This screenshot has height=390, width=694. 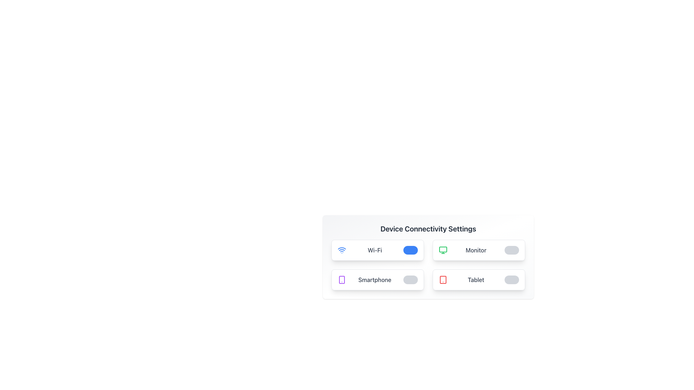 I want to click on text label 'Tablet' from the Toggle card located in the bottom-right of the grid in the 'Device Connectivity Settings' section, so click(x=479, y=279).